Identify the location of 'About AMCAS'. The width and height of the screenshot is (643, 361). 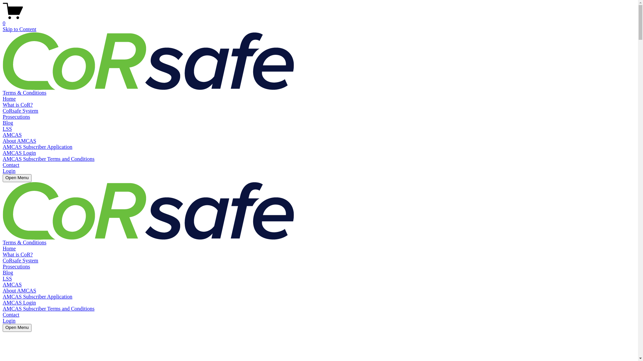
(19, 290).